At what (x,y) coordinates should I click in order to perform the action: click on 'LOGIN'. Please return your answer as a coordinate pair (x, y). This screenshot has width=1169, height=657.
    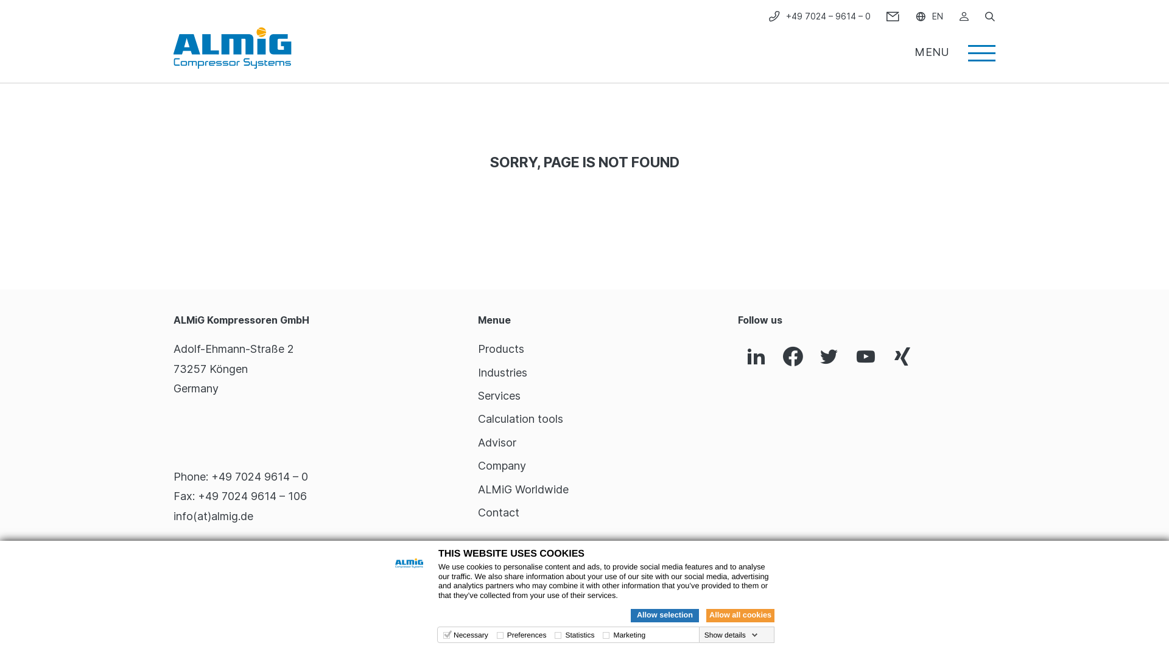
    Looking at the image, I should click on (963, 16).